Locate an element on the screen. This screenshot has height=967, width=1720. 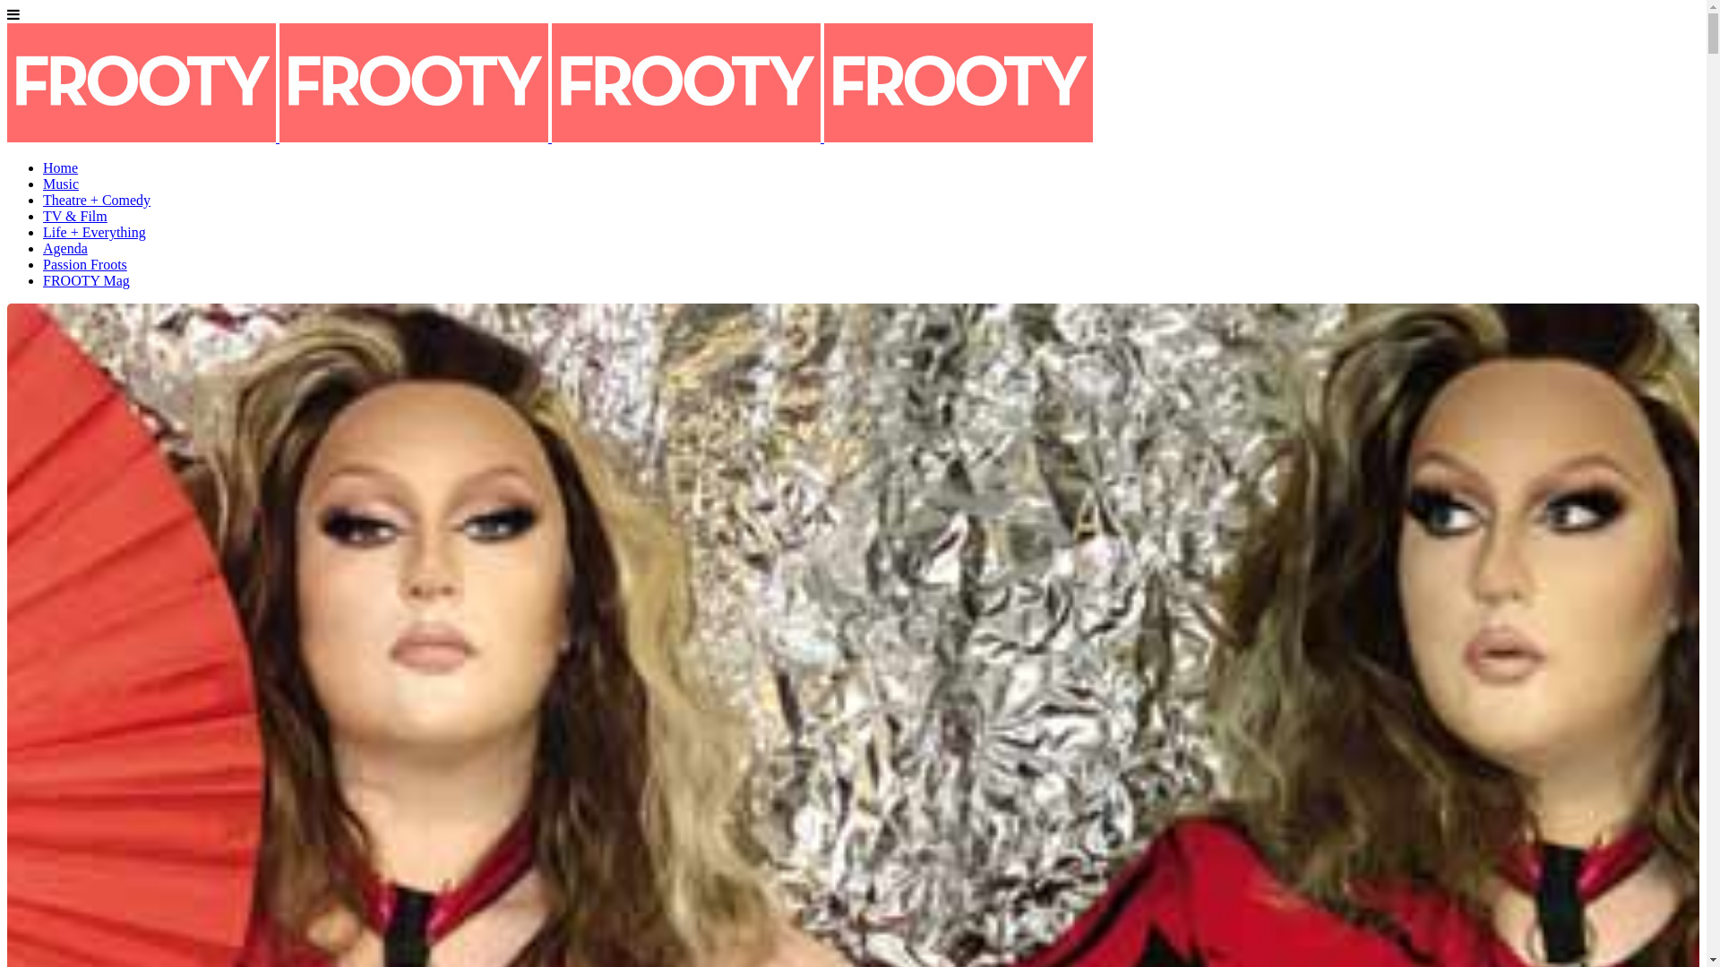
'TV & Film' is located at coordinates (73, 215).